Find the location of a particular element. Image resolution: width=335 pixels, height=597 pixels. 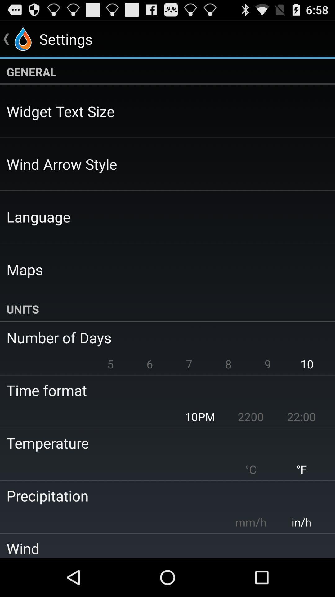

item below 10pm icon is located at coordinates (163, 442).